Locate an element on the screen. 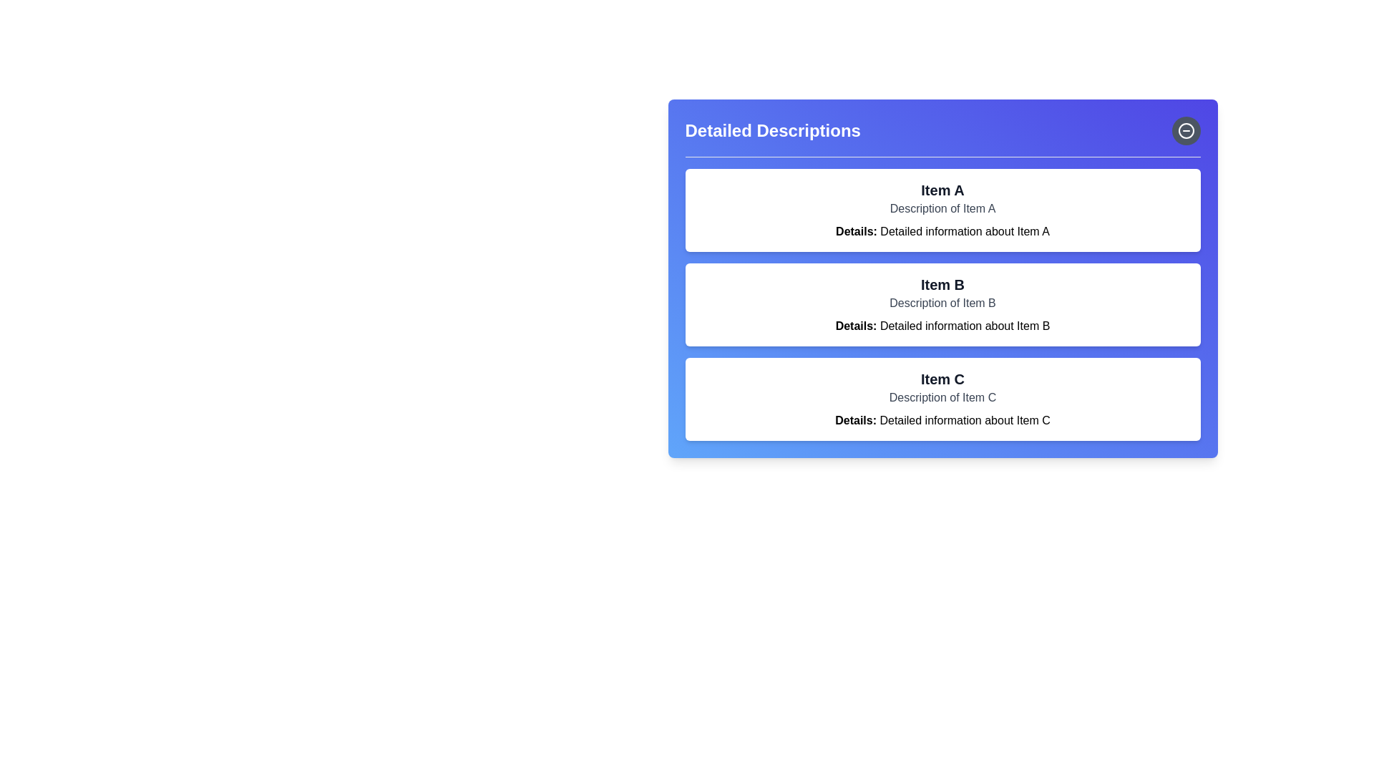 The image size is (1374, 773). the Text Label that summarizes the content of 'Item C', located centrally below the 'Item C' title and above the 'Details: Detailed information about Item C' section is located at coordinates (942, 397).